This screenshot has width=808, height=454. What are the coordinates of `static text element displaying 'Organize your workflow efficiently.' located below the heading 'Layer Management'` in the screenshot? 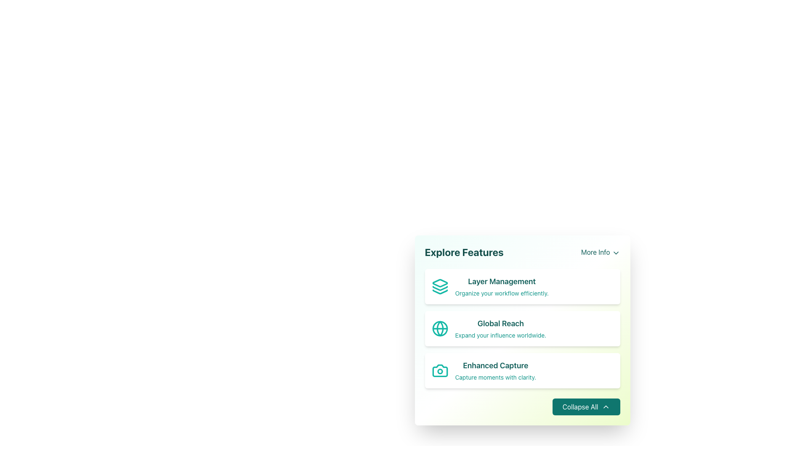 It's located at (502, 293).